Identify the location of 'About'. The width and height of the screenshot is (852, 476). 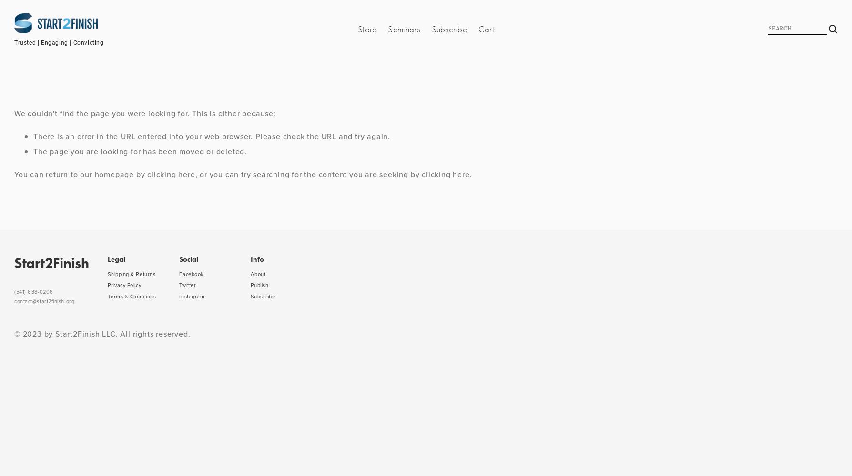
(258, 273).